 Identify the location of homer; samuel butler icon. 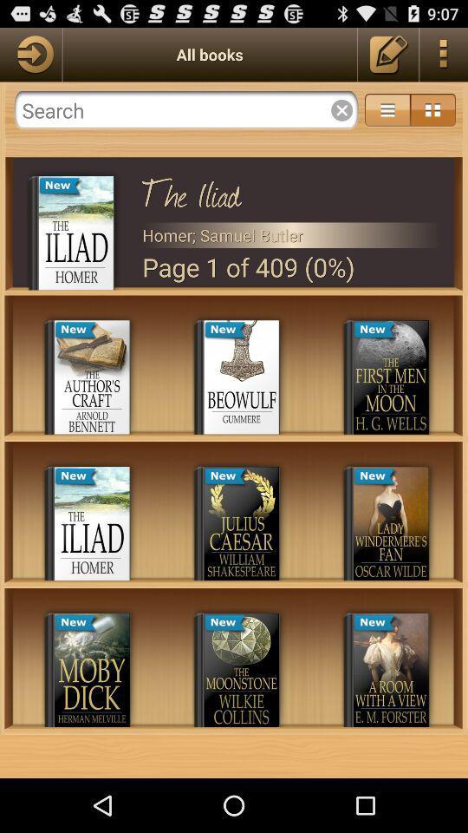
(291, 234).